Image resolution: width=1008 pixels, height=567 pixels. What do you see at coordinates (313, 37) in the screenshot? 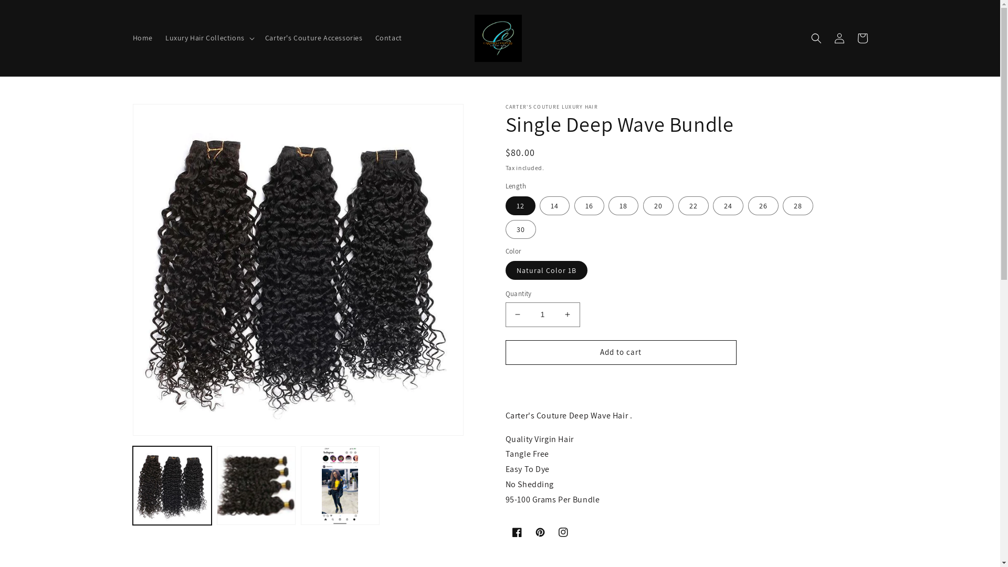
I see `'Carter's Couture Accessories'` at bounding box center [313, 37].